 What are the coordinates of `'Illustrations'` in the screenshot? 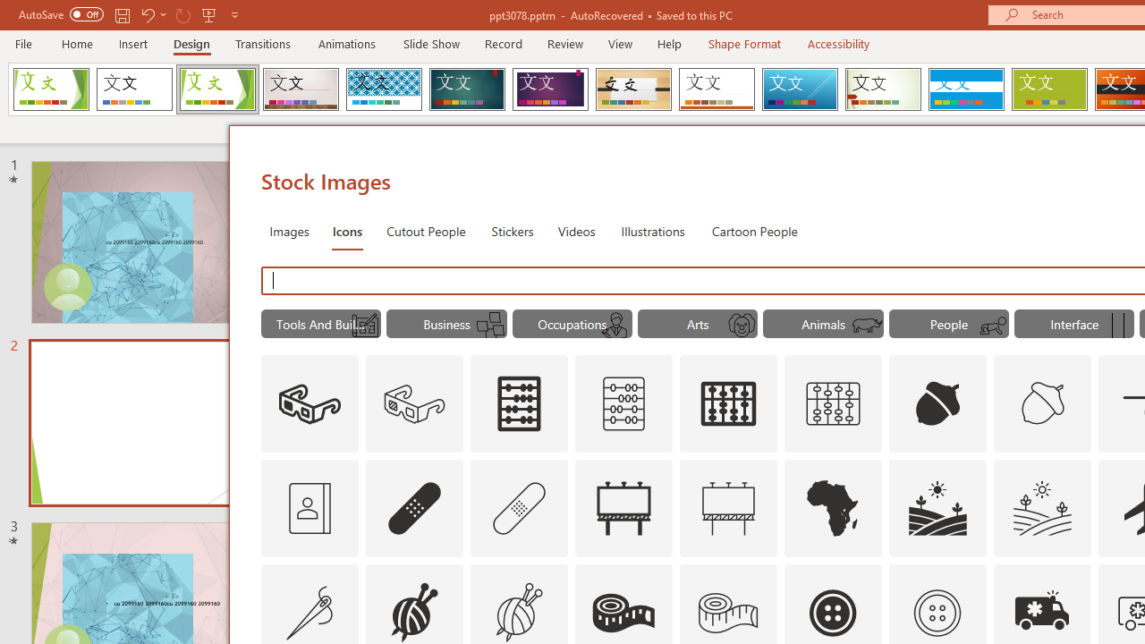 It's located at (652, 230).